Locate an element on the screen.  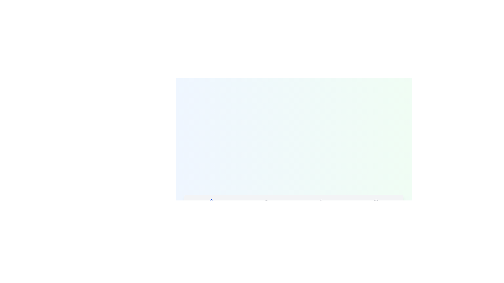
the icon of the tab labeled About is located at coordinates (376, 202).